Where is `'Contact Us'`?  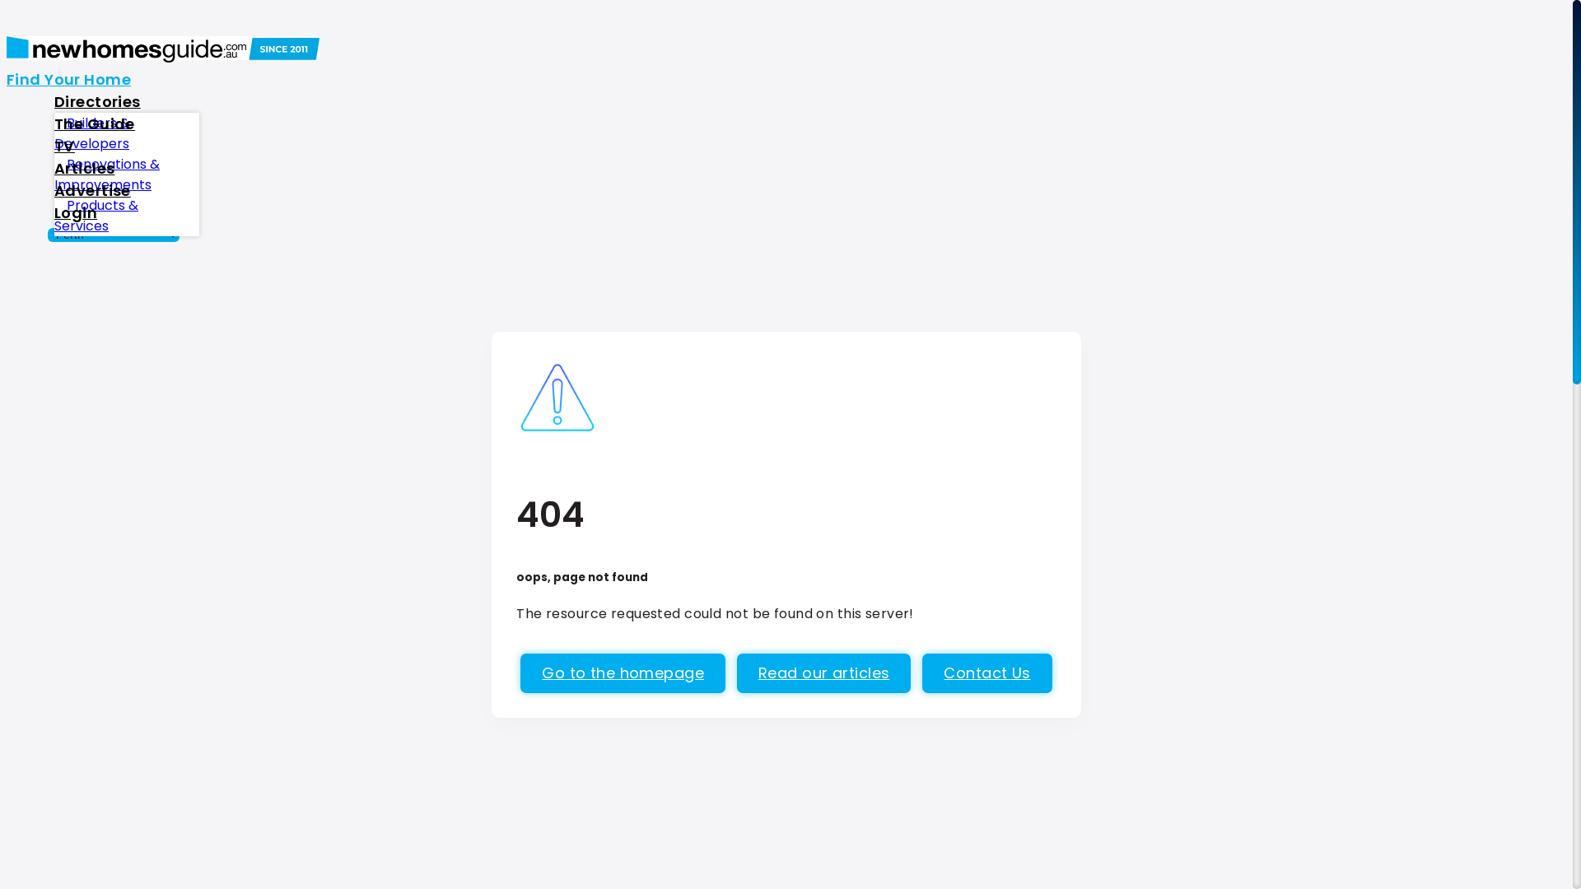
'Contact Us' is located at coordinates (986, 673).